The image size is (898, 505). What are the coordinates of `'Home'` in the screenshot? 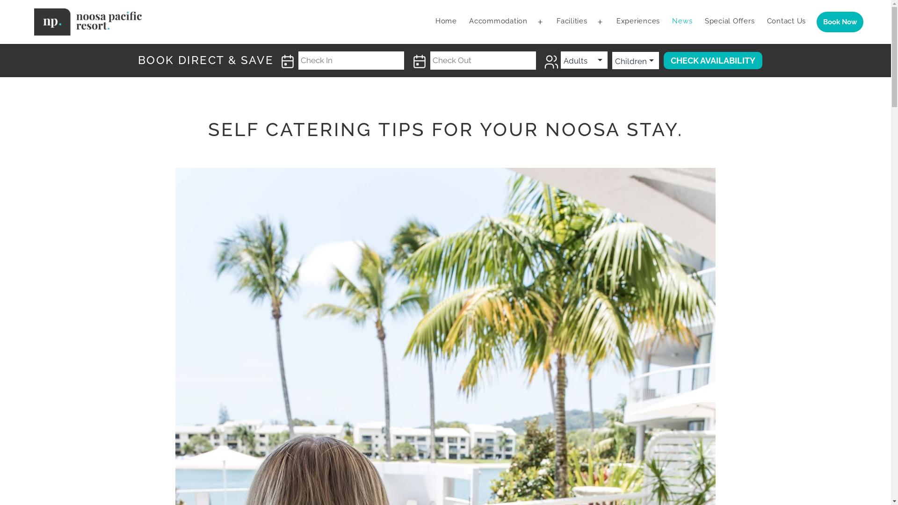 It's located at (446, 22).